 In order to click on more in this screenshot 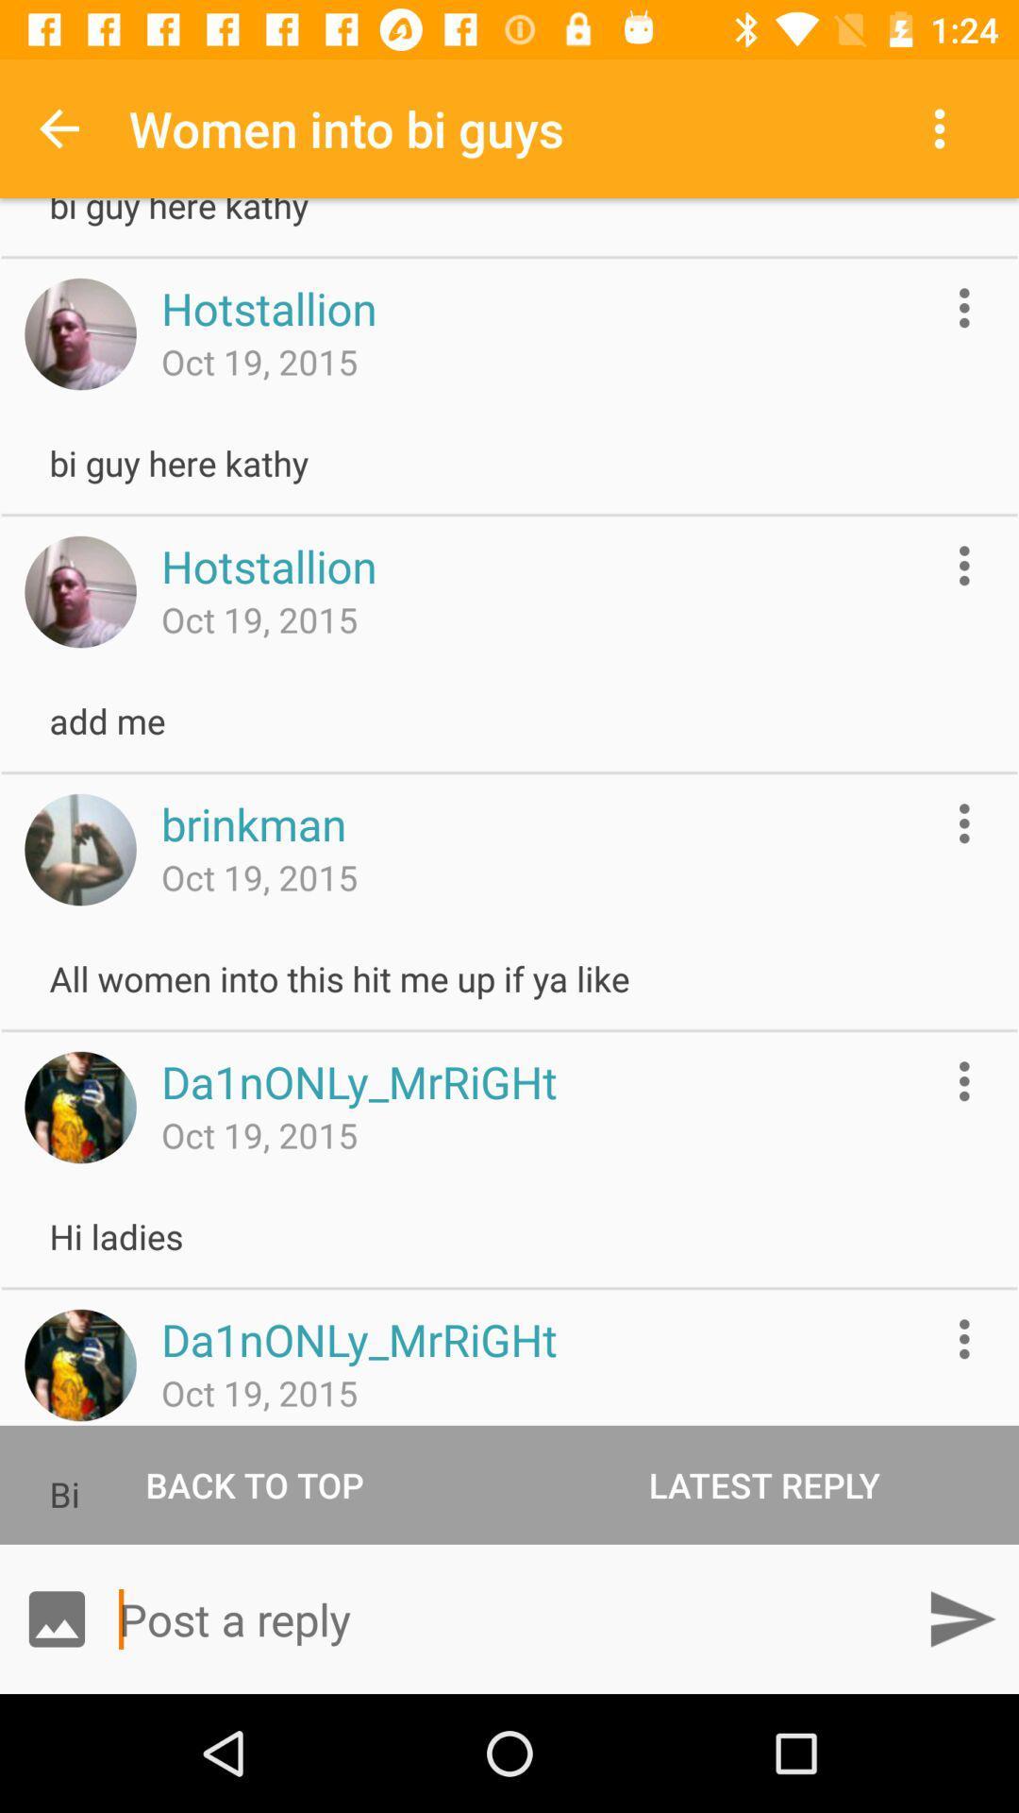, I will do `click(964, 308)`.